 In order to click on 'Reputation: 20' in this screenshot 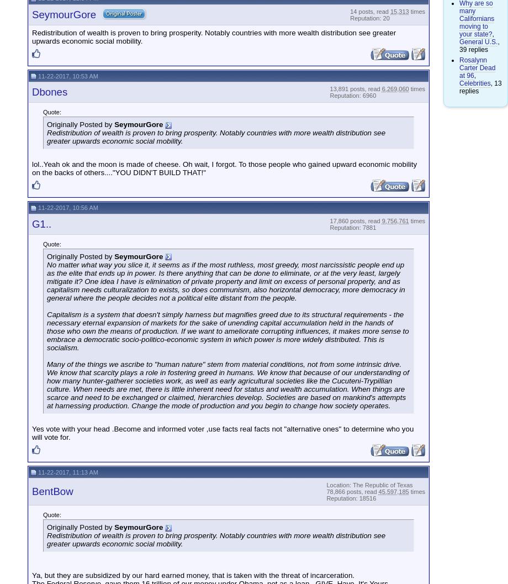, I will do `click(369, 18)`.